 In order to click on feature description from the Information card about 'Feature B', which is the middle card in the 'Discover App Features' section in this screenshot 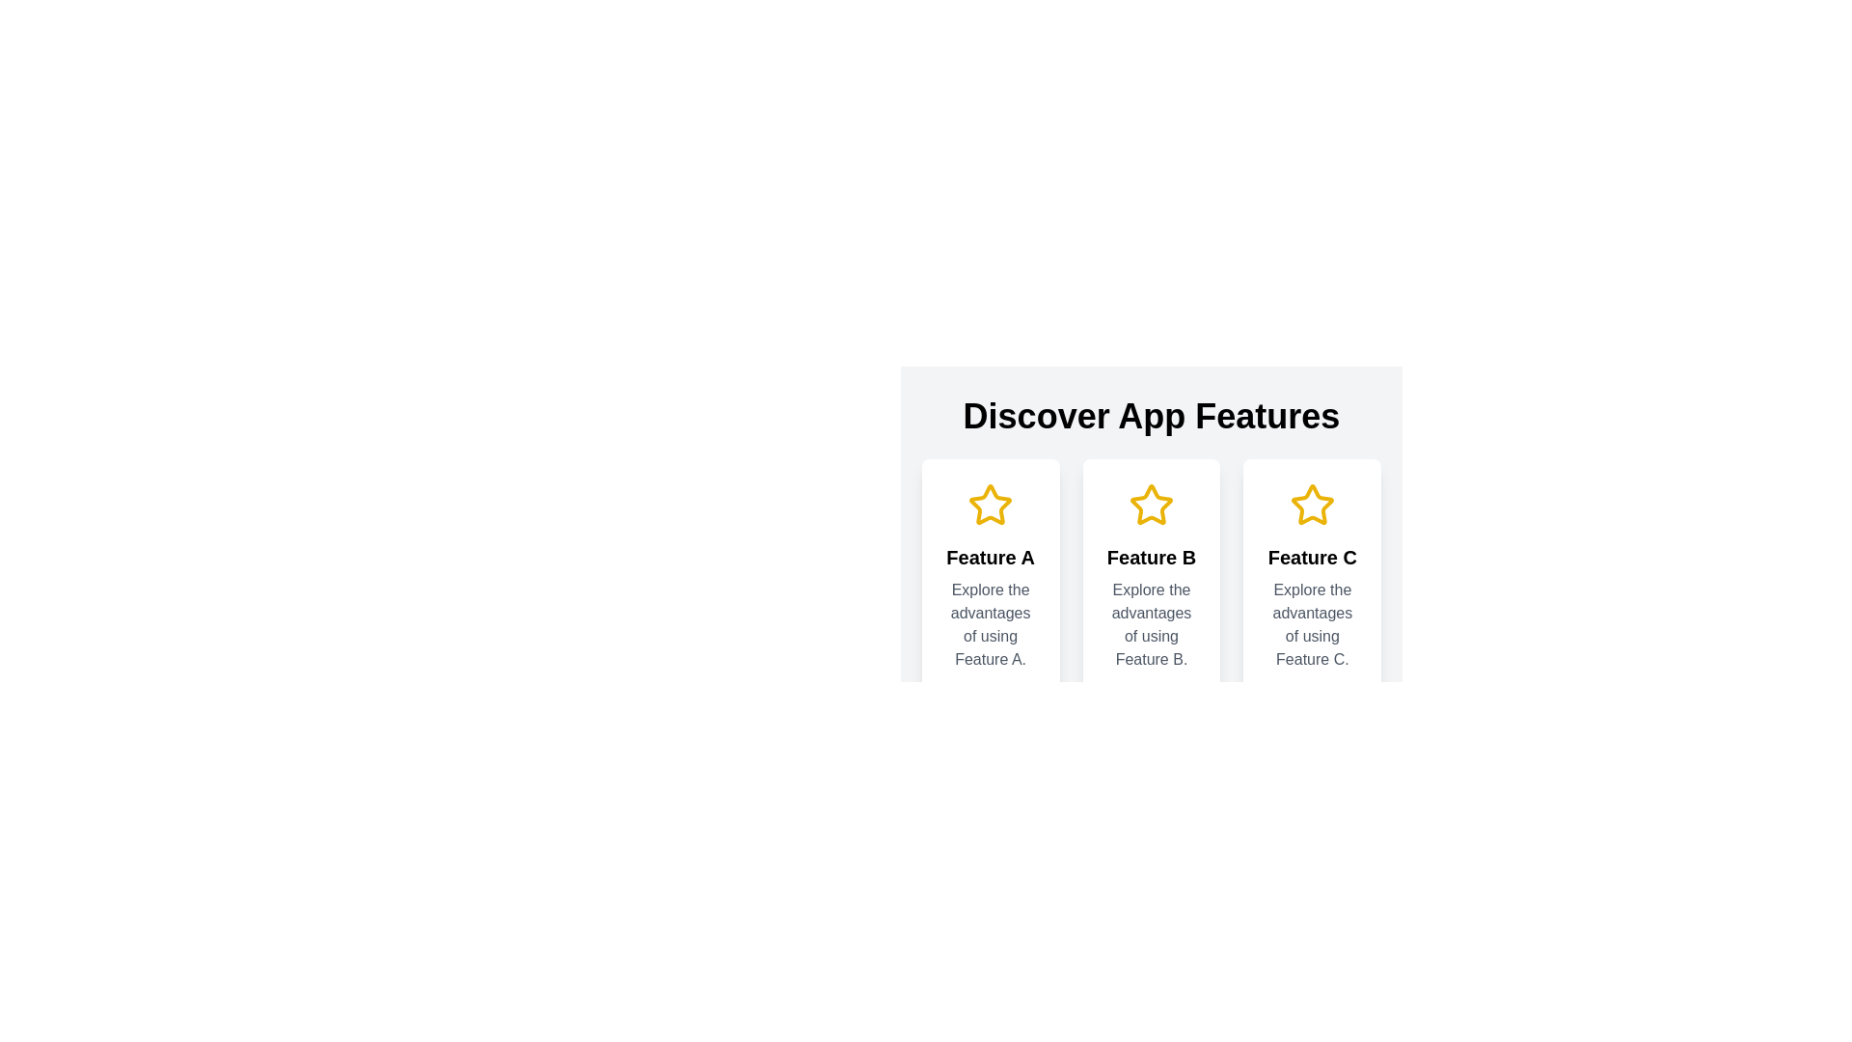, I will do `click(1152, 511)`.